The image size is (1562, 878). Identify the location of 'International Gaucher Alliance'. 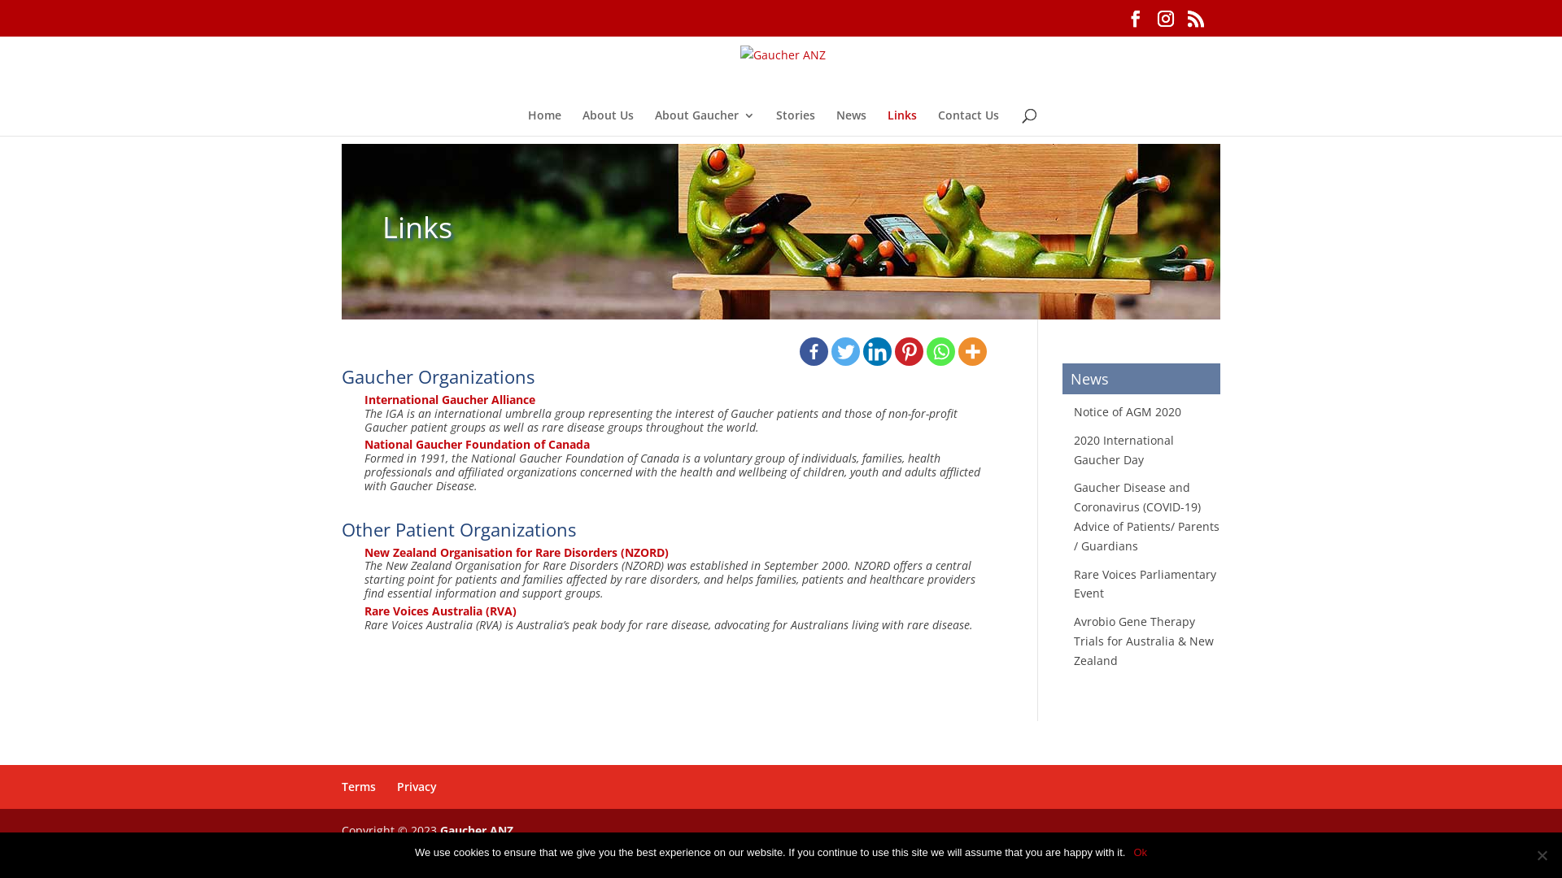
(449, 399).